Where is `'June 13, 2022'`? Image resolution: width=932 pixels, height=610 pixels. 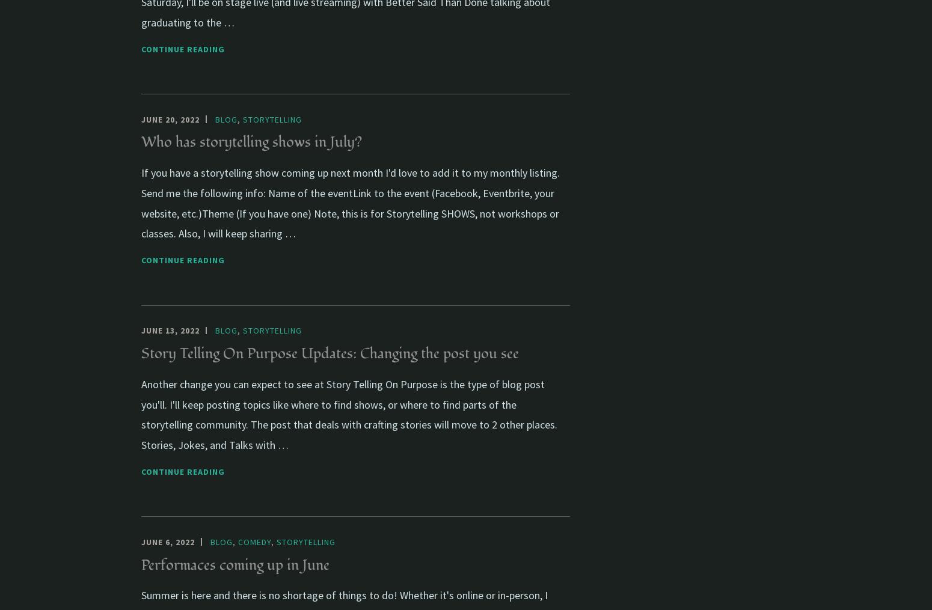 'June 13, 2022' is located at coordinates (141, 331).